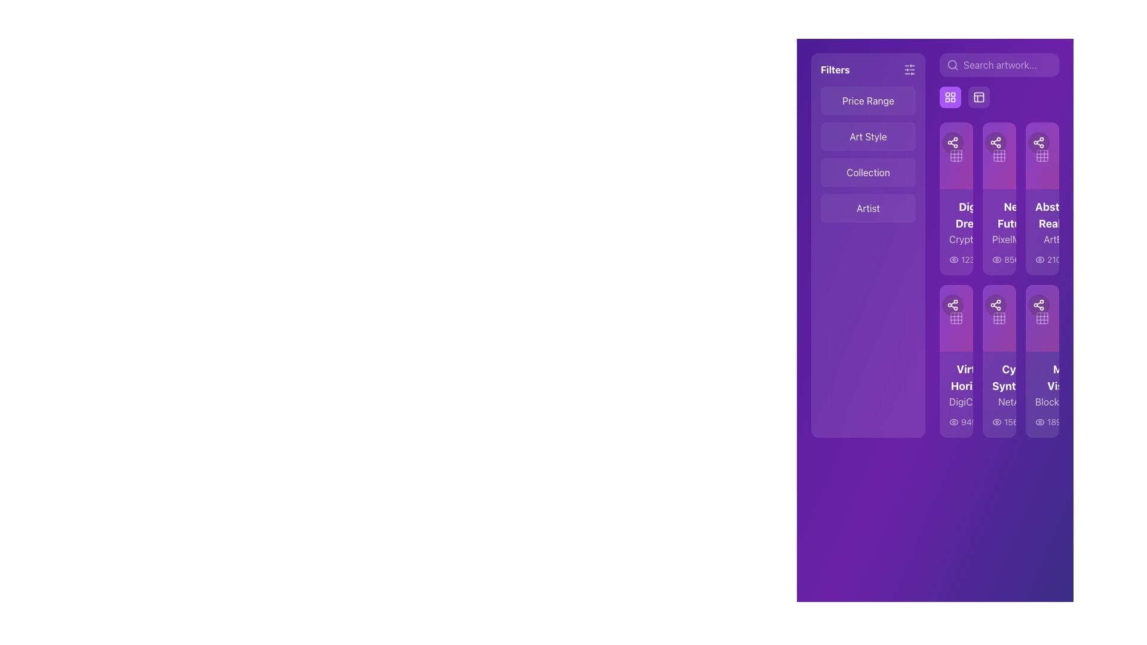 Image resolution: width=1147 pixels, height=645 pixels. Describe the element at coordinates (999, 317) in the screenshot. I see `the SVG-based interactive graphical button located in the top-right corner of the second row of cards, which serves as a control for viewing or organizing content related to the item represented by its card` at that location.